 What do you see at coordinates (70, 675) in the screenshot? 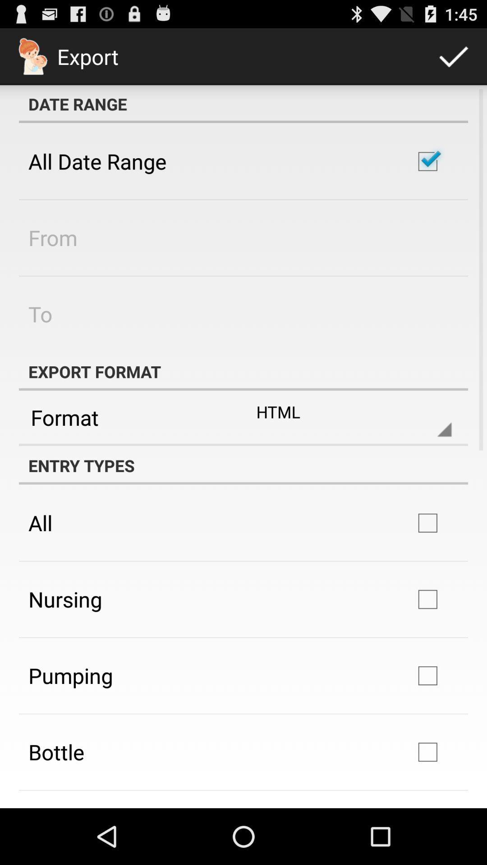
I see `the item below nursing` at bounding box center [70, 675].